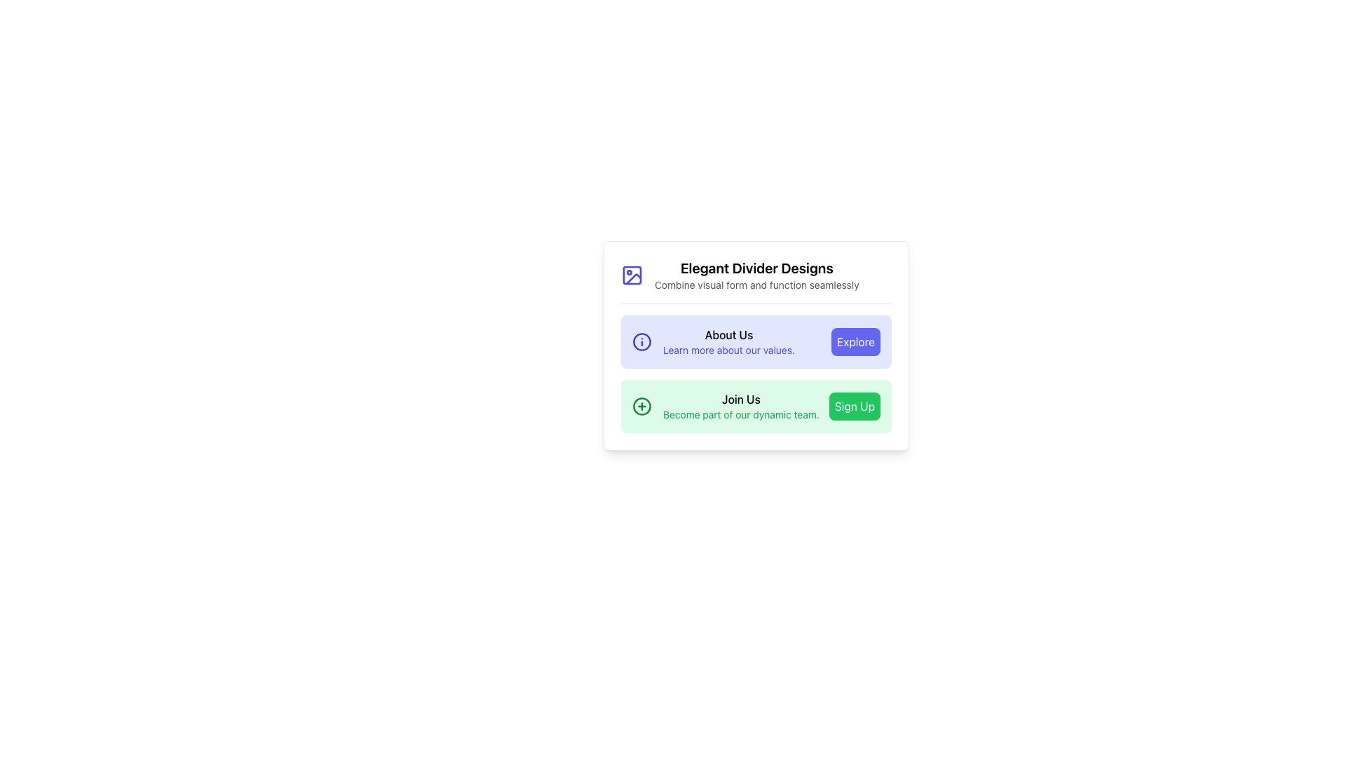  Describe the element at coordinates (729, 342) in the screenshot. I see `the 'About Us' text label which provides informative text related to the application's purpose and values, located in the center column and aligned to the left` at that location.